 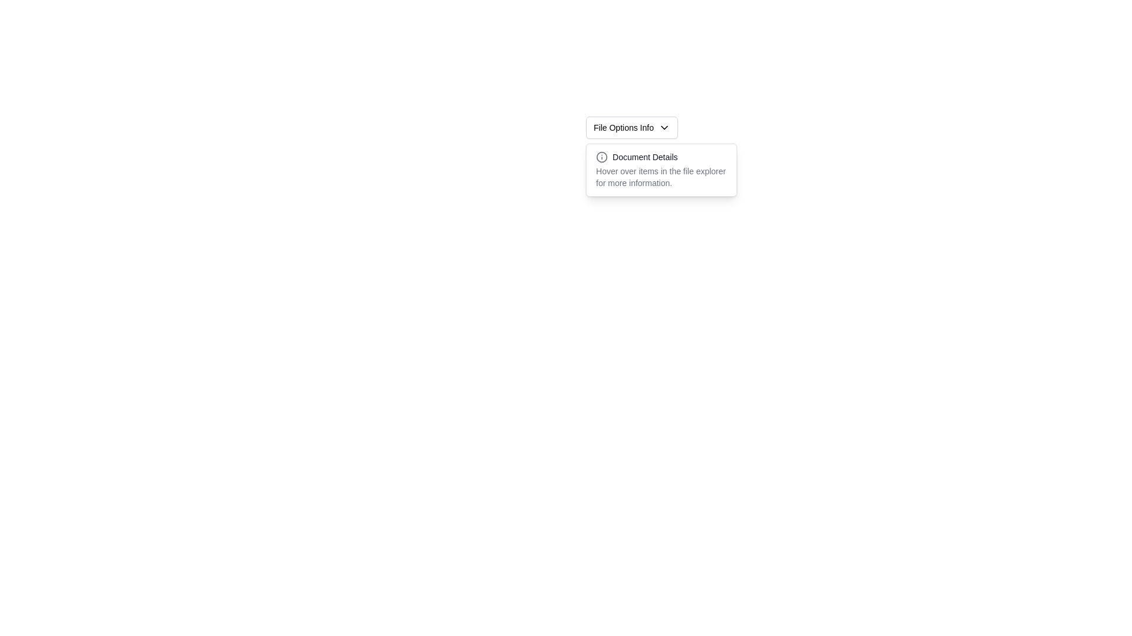 I want to click on textual information of the gray text label that states 'Hover over items in the file explorer for more information.' located in the Document Details section, so click(x=662, y=177).